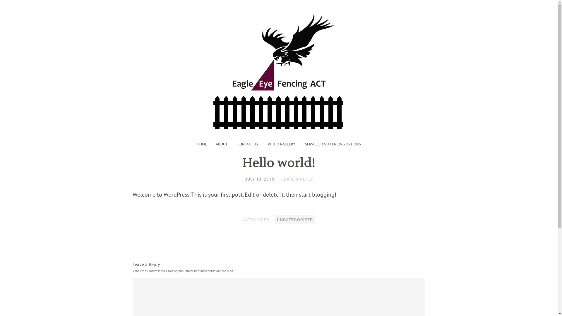 Image resolution: width=562 pixels, height=316 pixels. Describe the element at coordinates (247, 144) in the screenshot. I see `'CONTACT US'` at that location.